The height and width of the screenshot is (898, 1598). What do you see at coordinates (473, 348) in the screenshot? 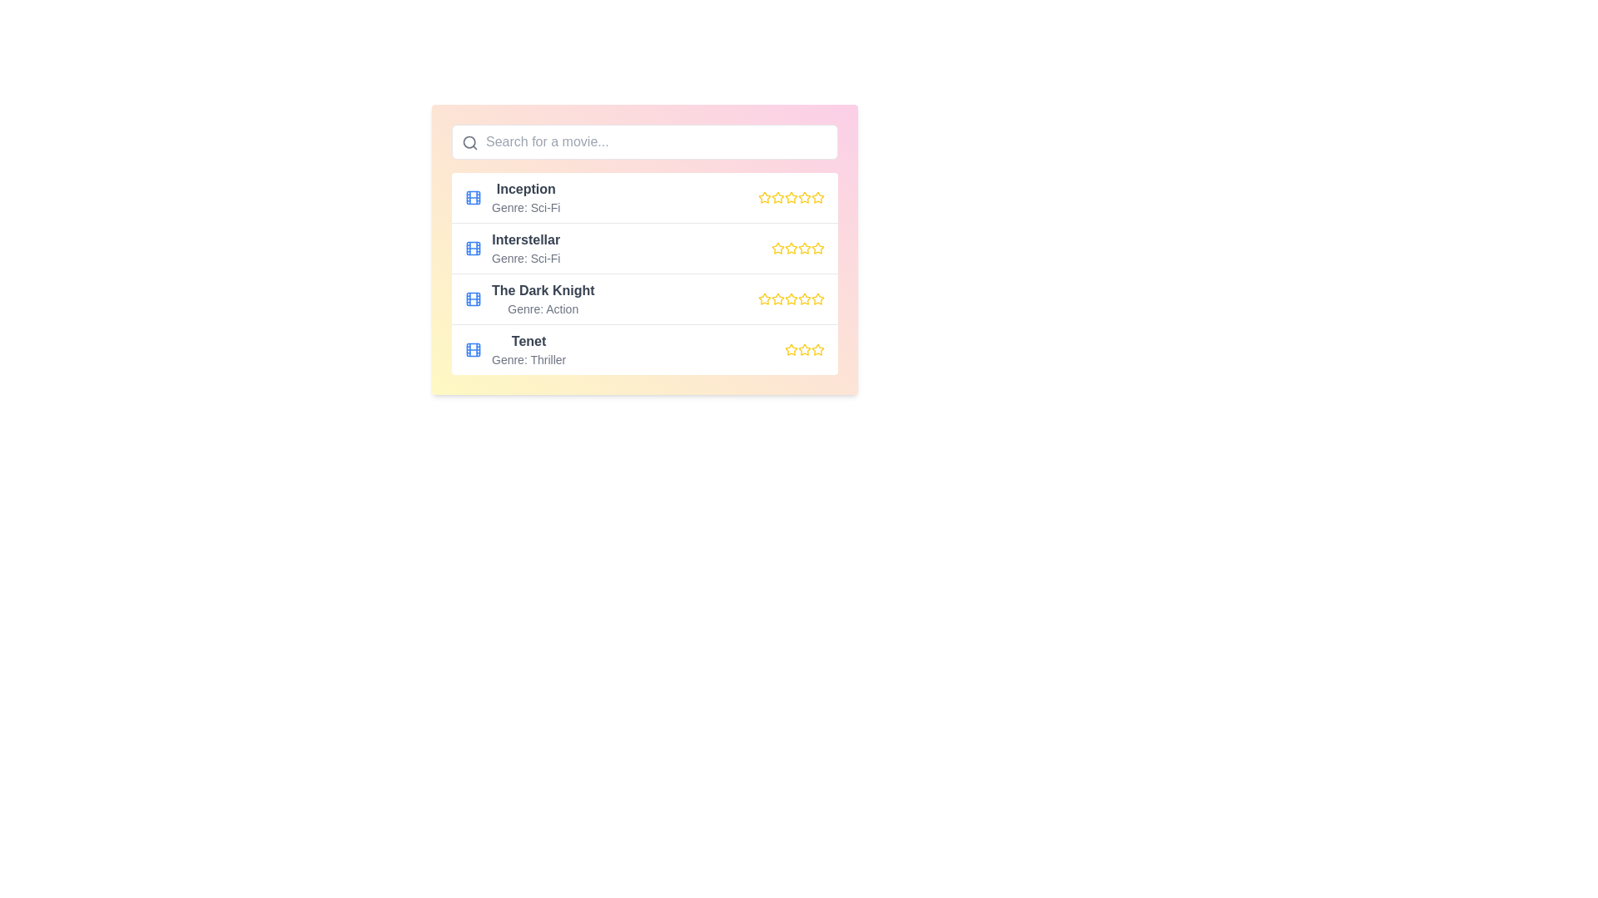
I see `the decorative icon indicating the fourth movie entry in the list, which is positioned to the left of the movie title and genre text` at bounding box center [473, 348].